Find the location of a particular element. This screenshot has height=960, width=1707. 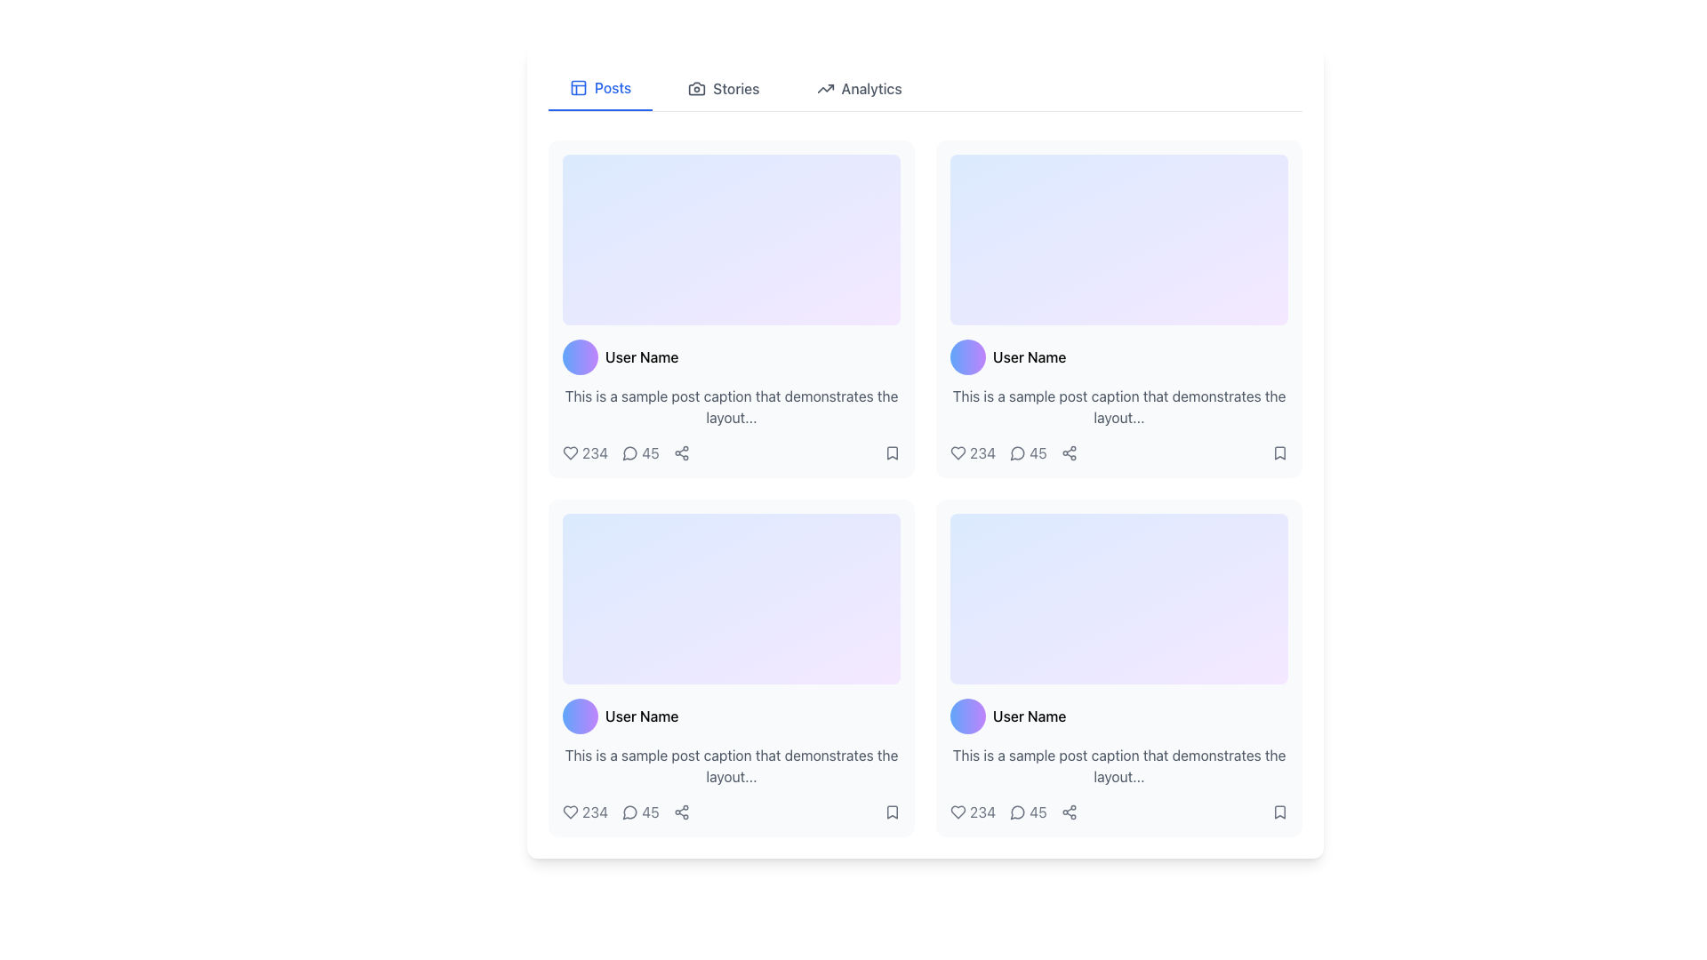

the comments icon located at the bottom section of the content card, which is the middle icon in a row of three is located at coordinates (629, 812).